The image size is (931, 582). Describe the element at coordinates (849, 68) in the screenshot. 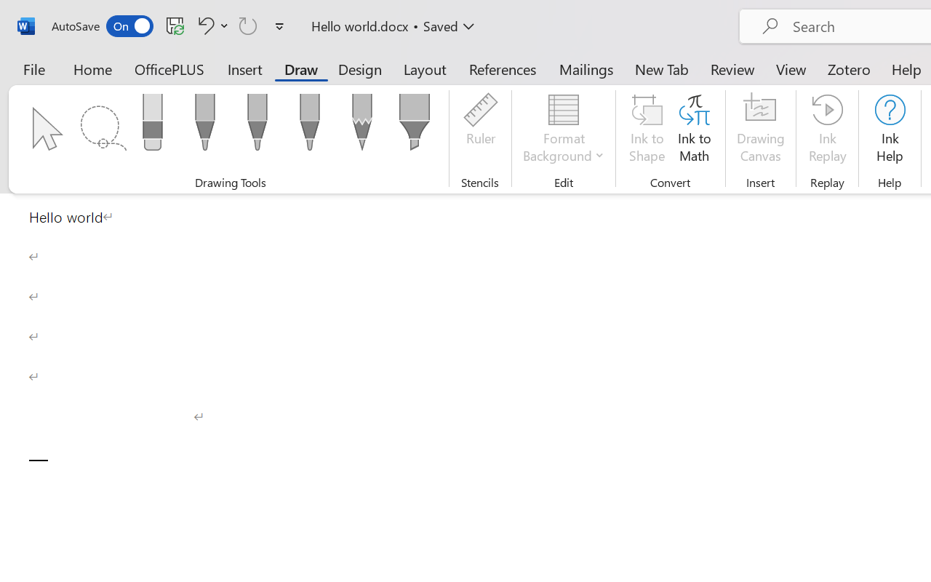

I see `'Zotero'` at that location.